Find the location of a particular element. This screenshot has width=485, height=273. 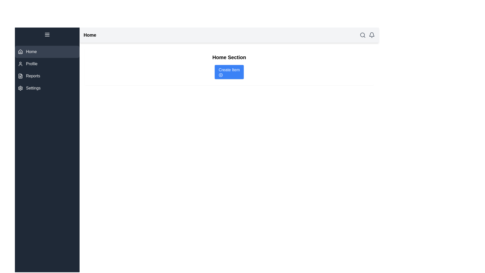

the 'Reports' icon in the sidebar navigation is located at coordinates (20, 76).